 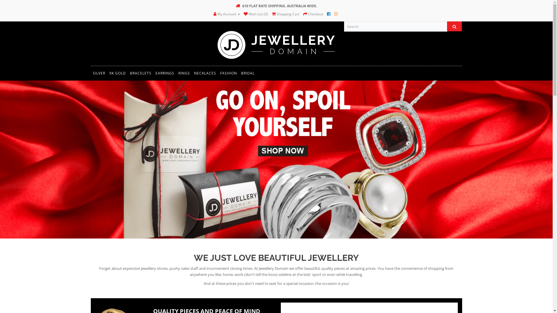 What do you see at coordinates (226, 14) in the screenshot?
I see `'My Account'` at bounding box center [226, 14].